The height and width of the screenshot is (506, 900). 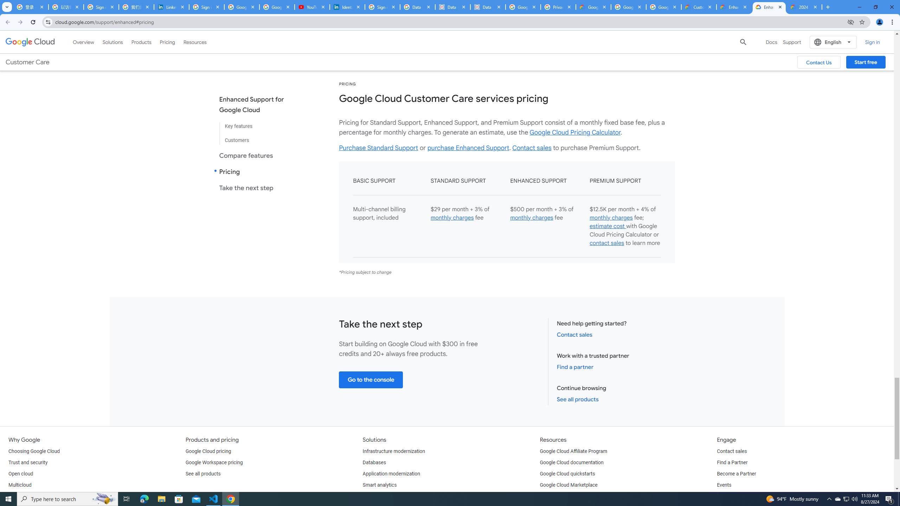 I want to click on 'Smart analytics', so click(x=380, y=485).